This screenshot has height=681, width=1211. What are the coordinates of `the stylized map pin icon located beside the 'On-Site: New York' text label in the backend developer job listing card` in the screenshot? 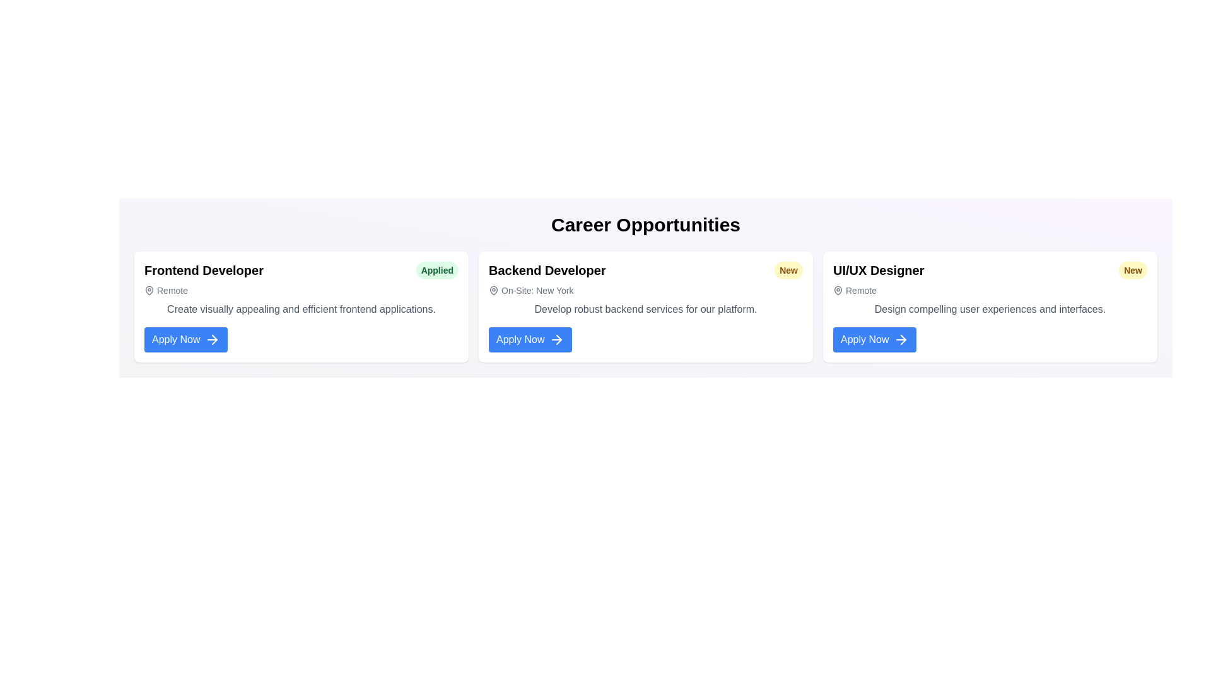 It's located at (493, 289).